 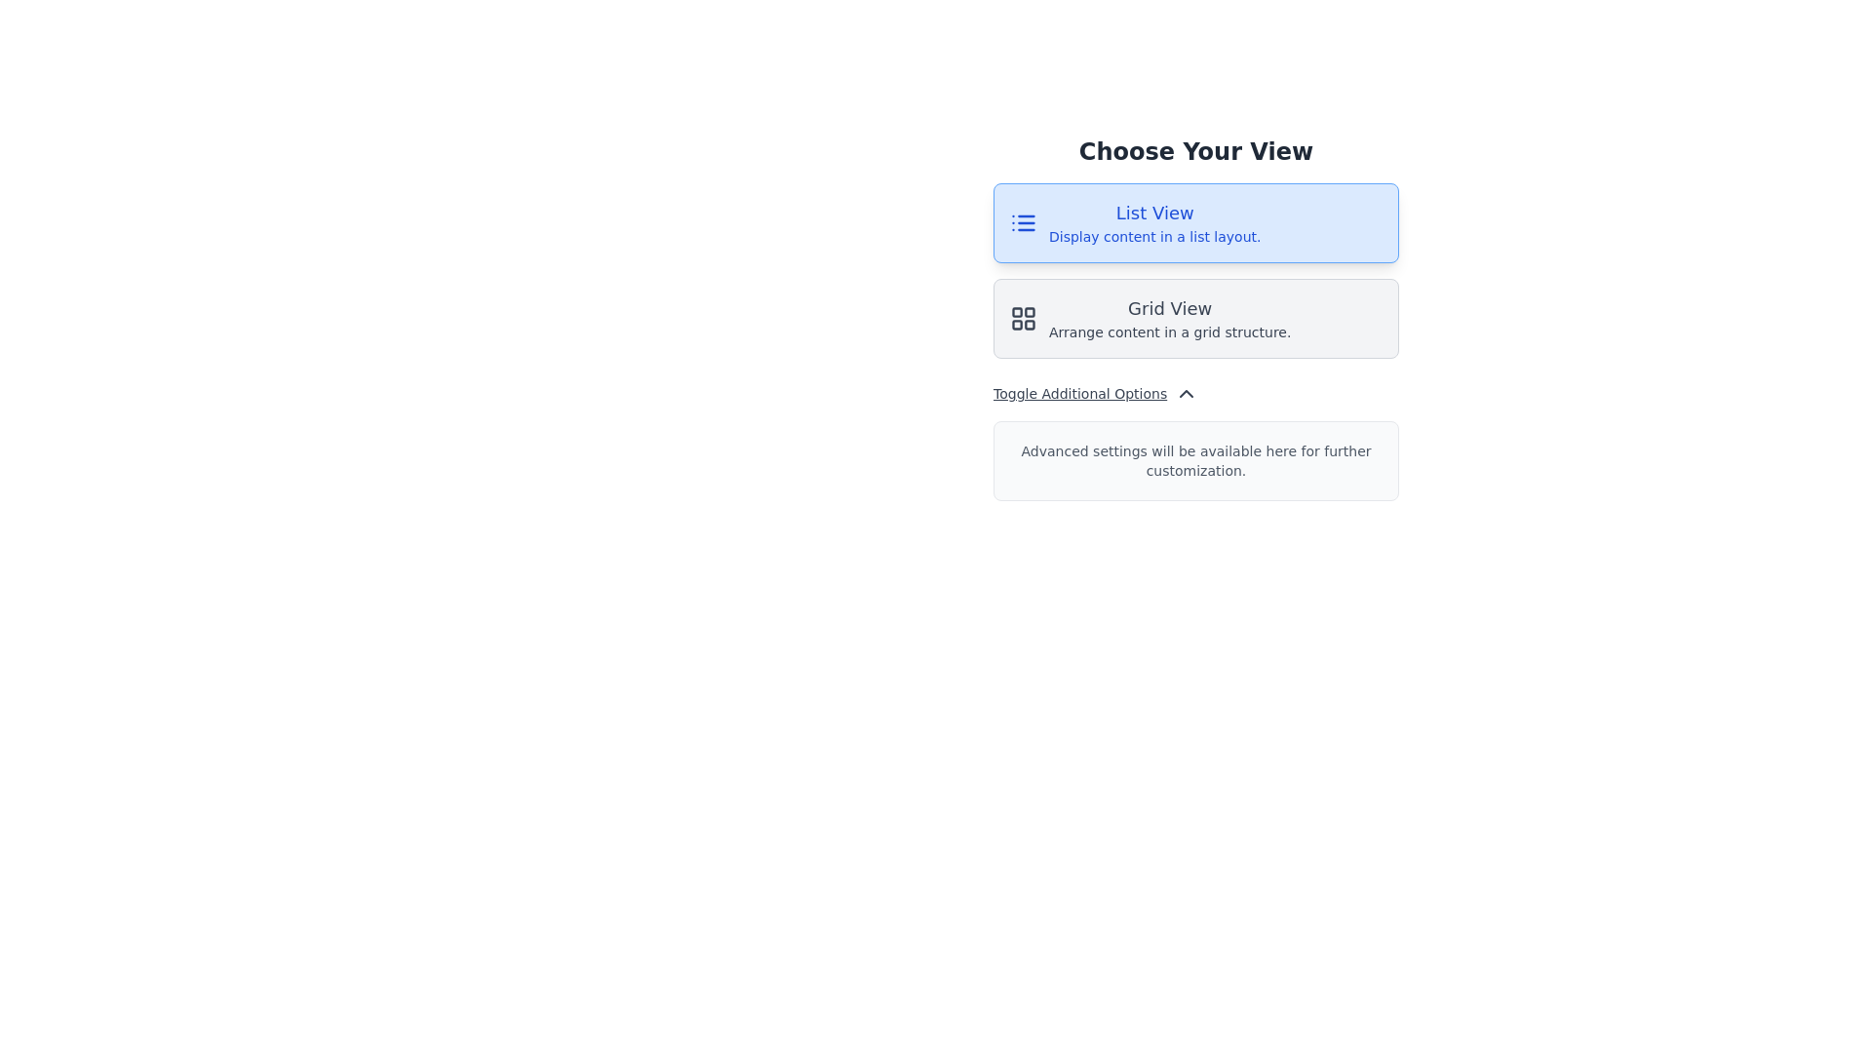 I want to click on the 'Toggle Additional Options' button for keyboard interaction, so click(x=1096, y=394).